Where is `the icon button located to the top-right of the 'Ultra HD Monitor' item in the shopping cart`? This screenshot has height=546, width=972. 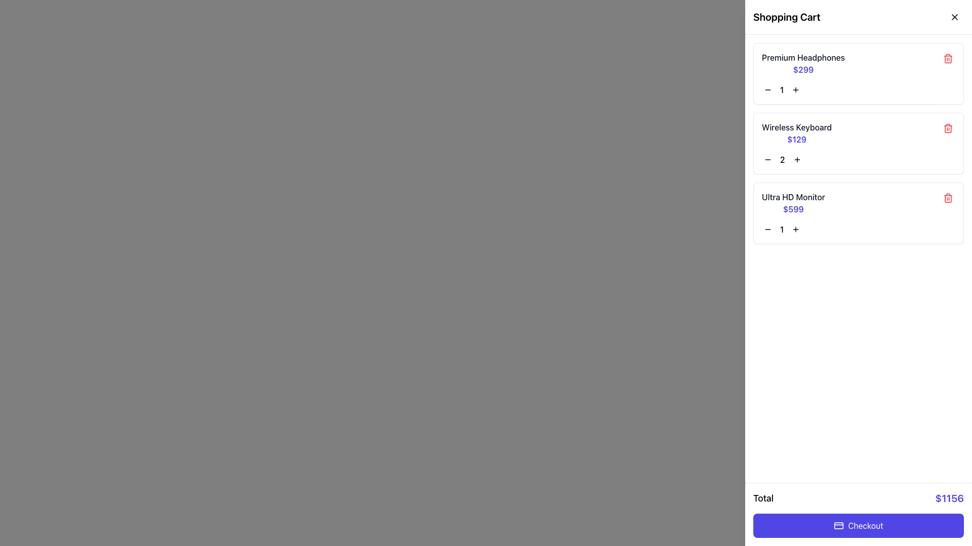
the icon button located to the top-right of the 'Ultra HD Monitor' item in the shopping cart is located at coordinates (947, 198).